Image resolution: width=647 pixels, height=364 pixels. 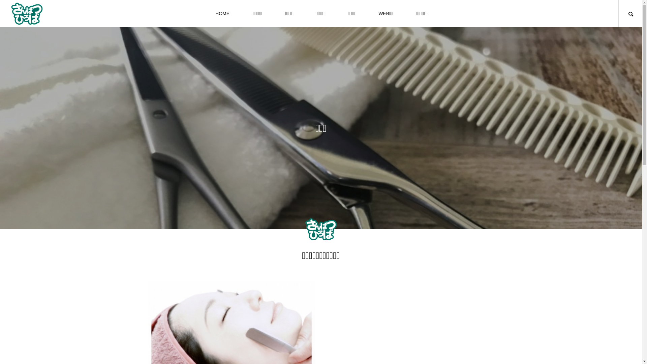 What do you see at coordinates (222, 13) in the screenshot?
I see `'HOME'` at bounding box center [222, 13].